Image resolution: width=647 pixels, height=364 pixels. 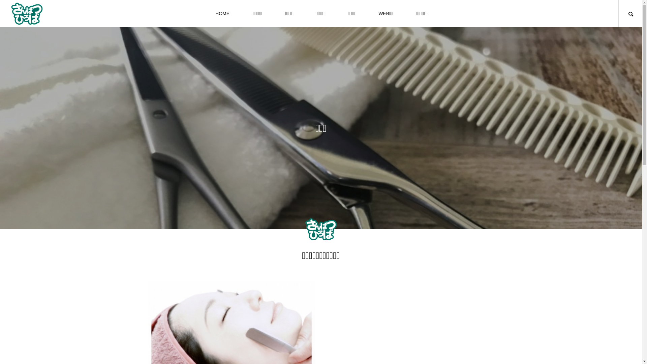 What do you see at coordinates (222, 13) in the screenshot?
I see `'HOME'` at bounding box center [222, 13].